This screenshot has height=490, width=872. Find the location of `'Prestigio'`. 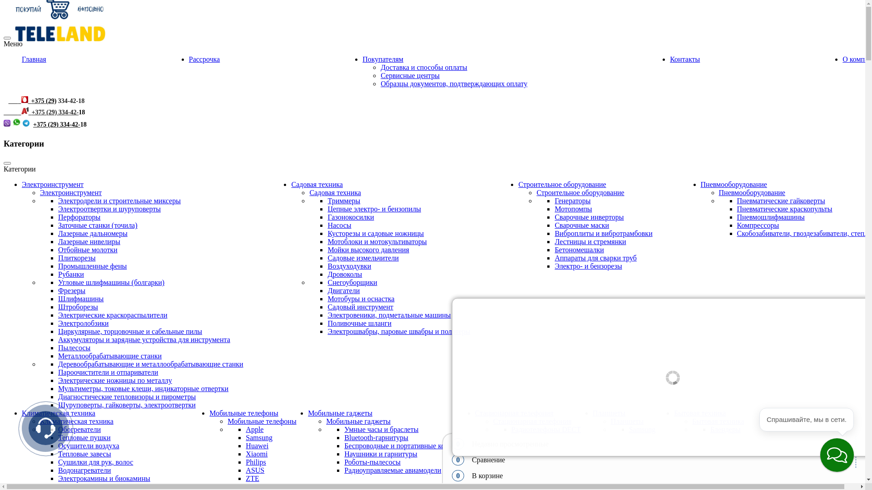

'Prestigio' is located at coordinates (641, 470).